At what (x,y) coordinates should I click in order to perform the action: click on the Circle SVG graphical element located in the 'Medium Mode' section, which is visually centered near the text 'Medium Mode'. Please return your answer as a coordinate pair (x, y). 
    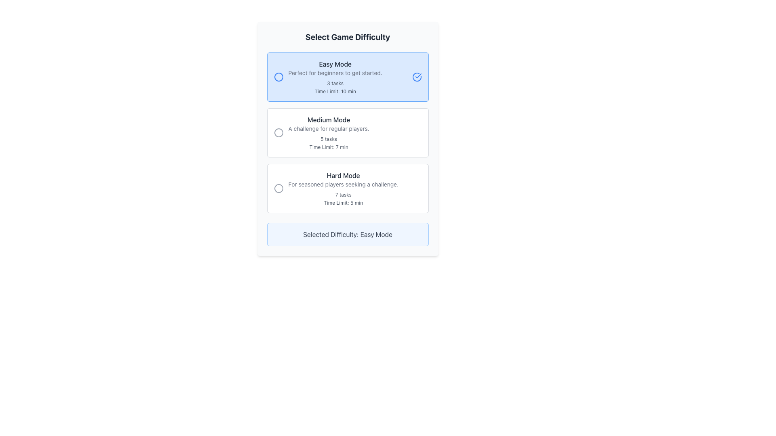
    Looking at the image, I should click on (278, 132).